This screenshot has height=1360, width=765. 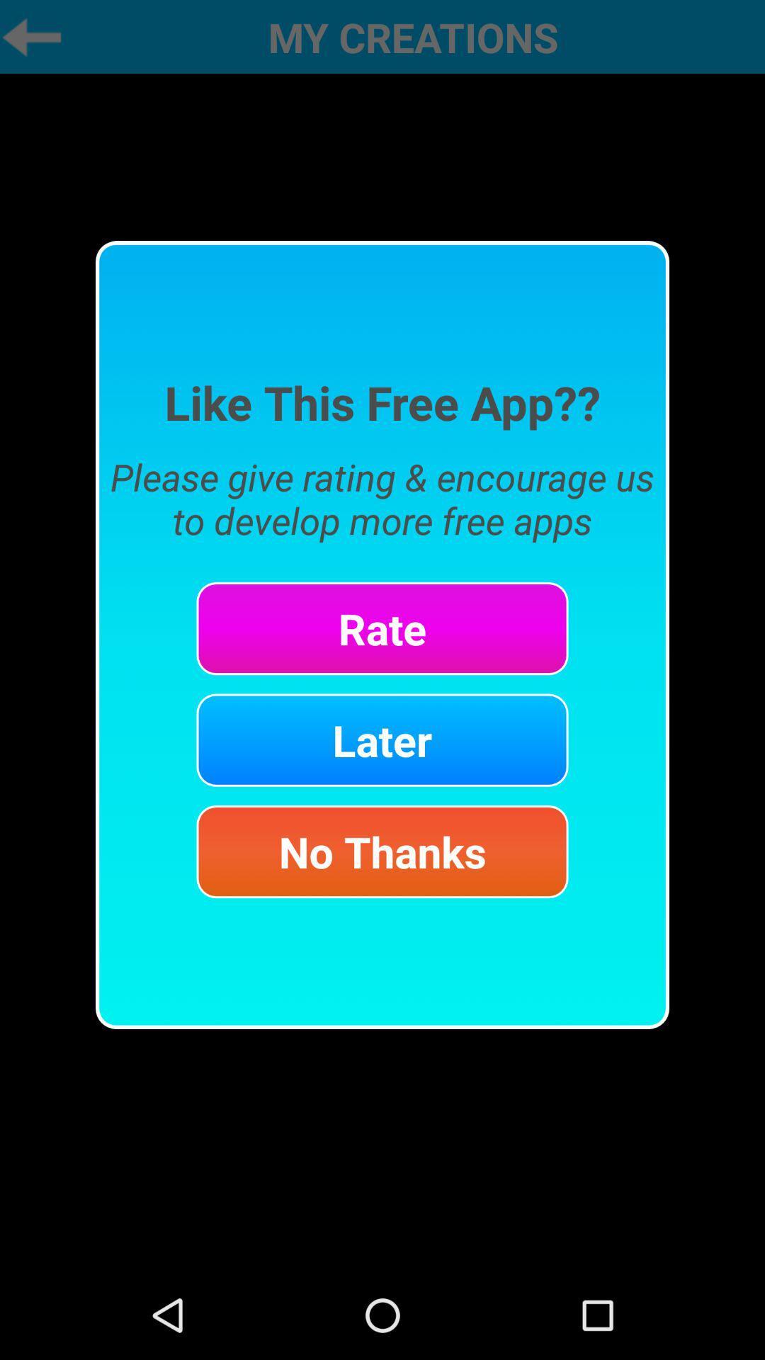 What do you see at coordinates (382, 628) in the screenshot?
I see `the item below the please give rating item` at bounding box center [382, 628].